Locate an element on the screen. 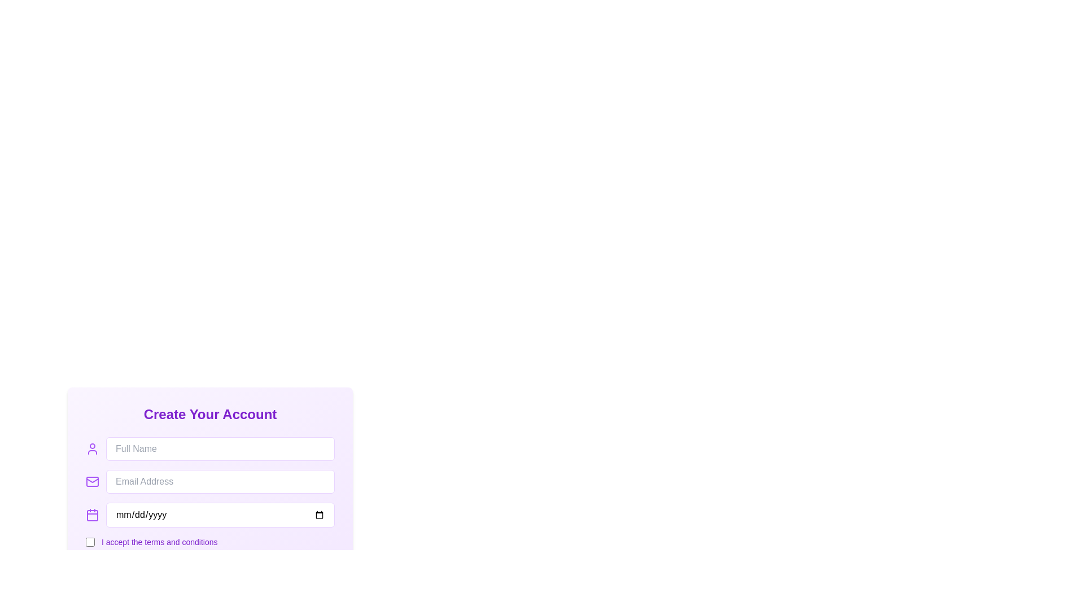  the purple user icon, which is a simplistic outline of a person, located at the left end of the user registration form, preceding the name input field is located at coordinates (92, 448).